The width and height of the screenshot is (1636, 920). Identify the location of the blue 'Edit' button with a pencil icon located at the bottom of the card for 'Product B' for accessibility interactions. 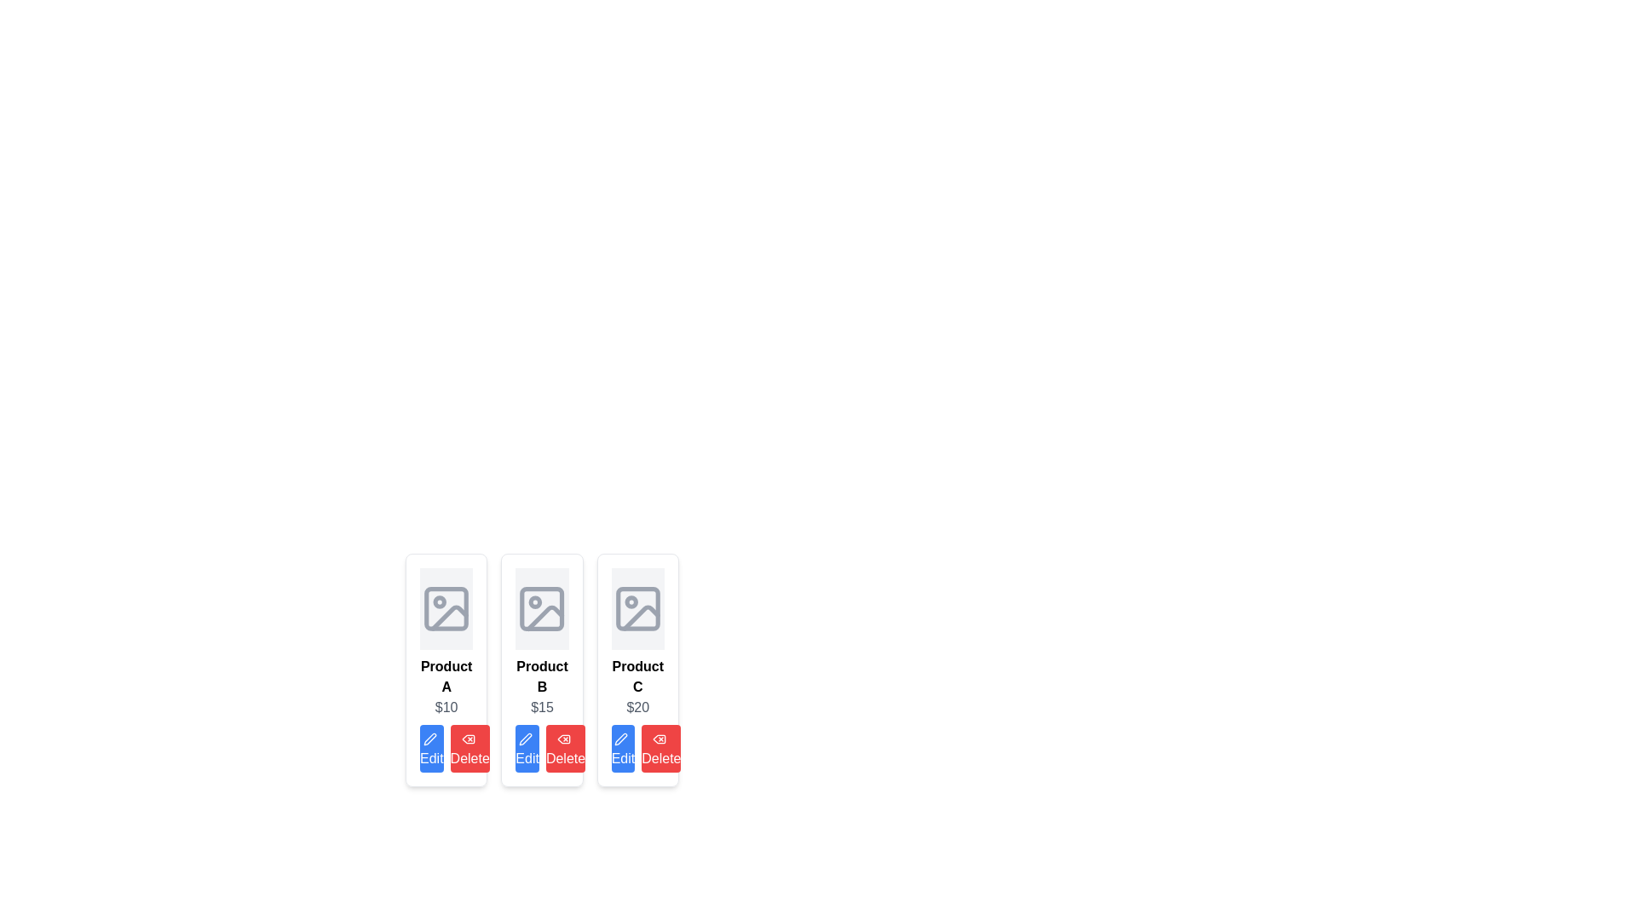
(527, 748).